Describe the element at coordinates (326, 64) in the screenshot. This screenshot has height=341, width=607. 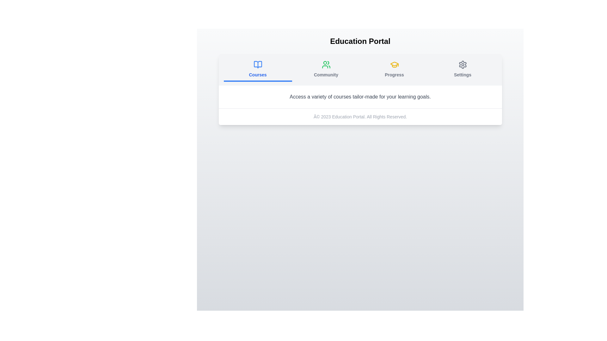
I see `the user group icon, which is styled in green and located above the 'Community' text` at that location.